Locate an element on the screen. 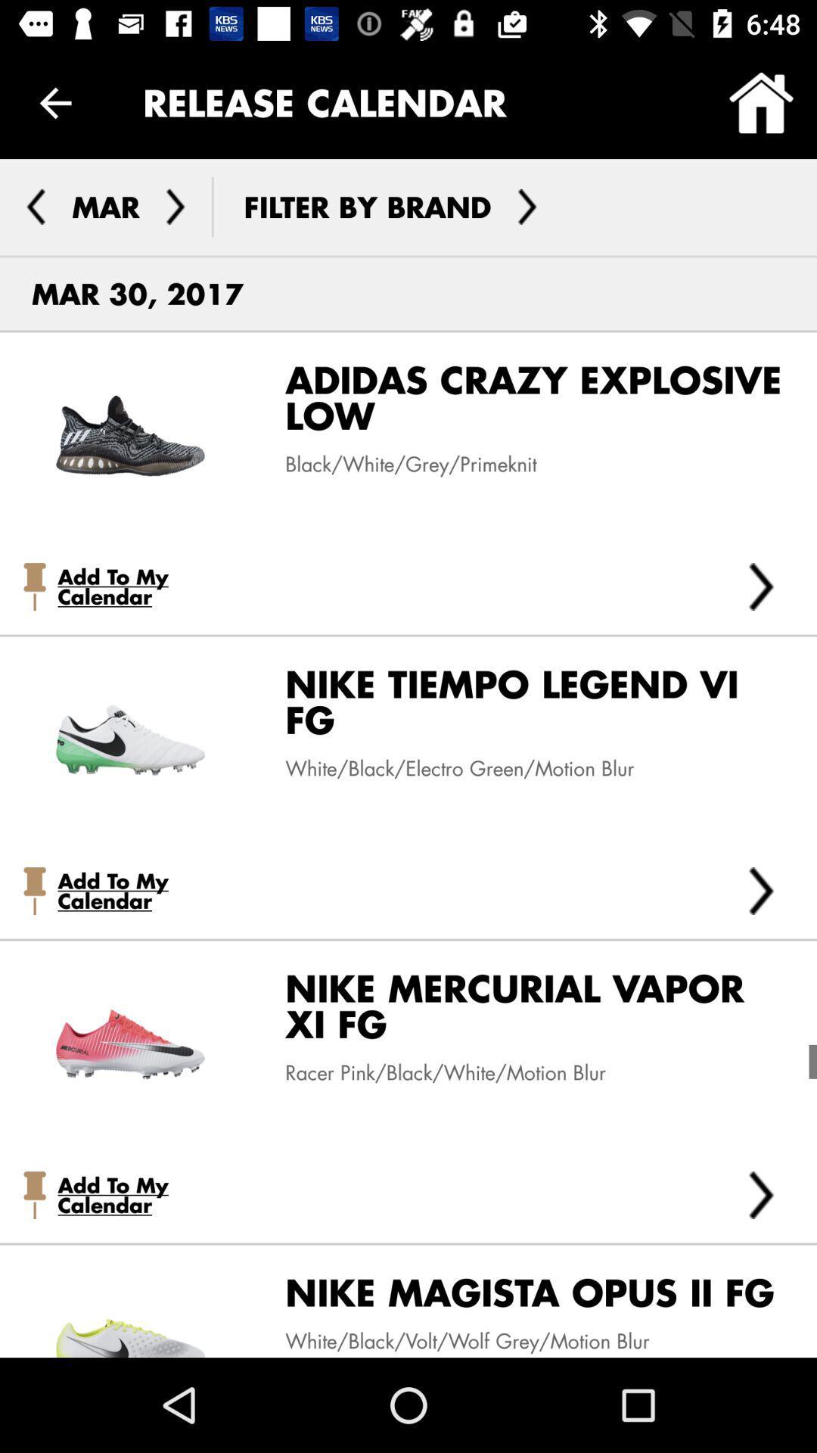 The image size is (817, 1453). go back is located at coordinates (35, 206).